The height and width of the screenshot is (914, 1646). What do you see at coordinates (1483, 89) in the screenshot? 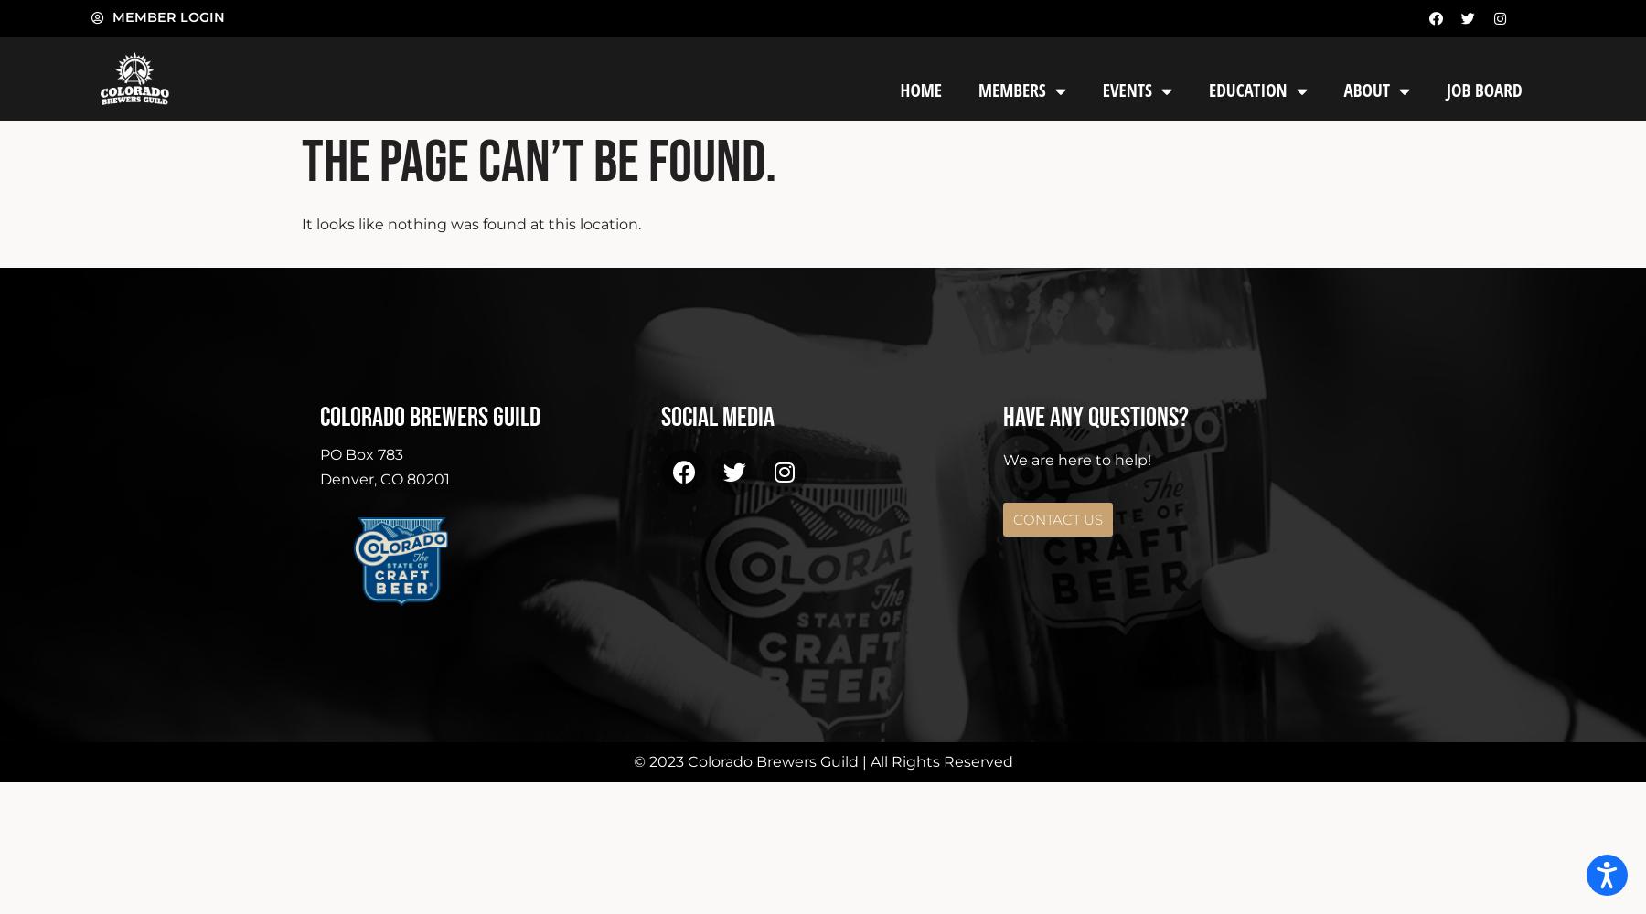
I see `'Job Board'` at bounding box center [1483, 89].